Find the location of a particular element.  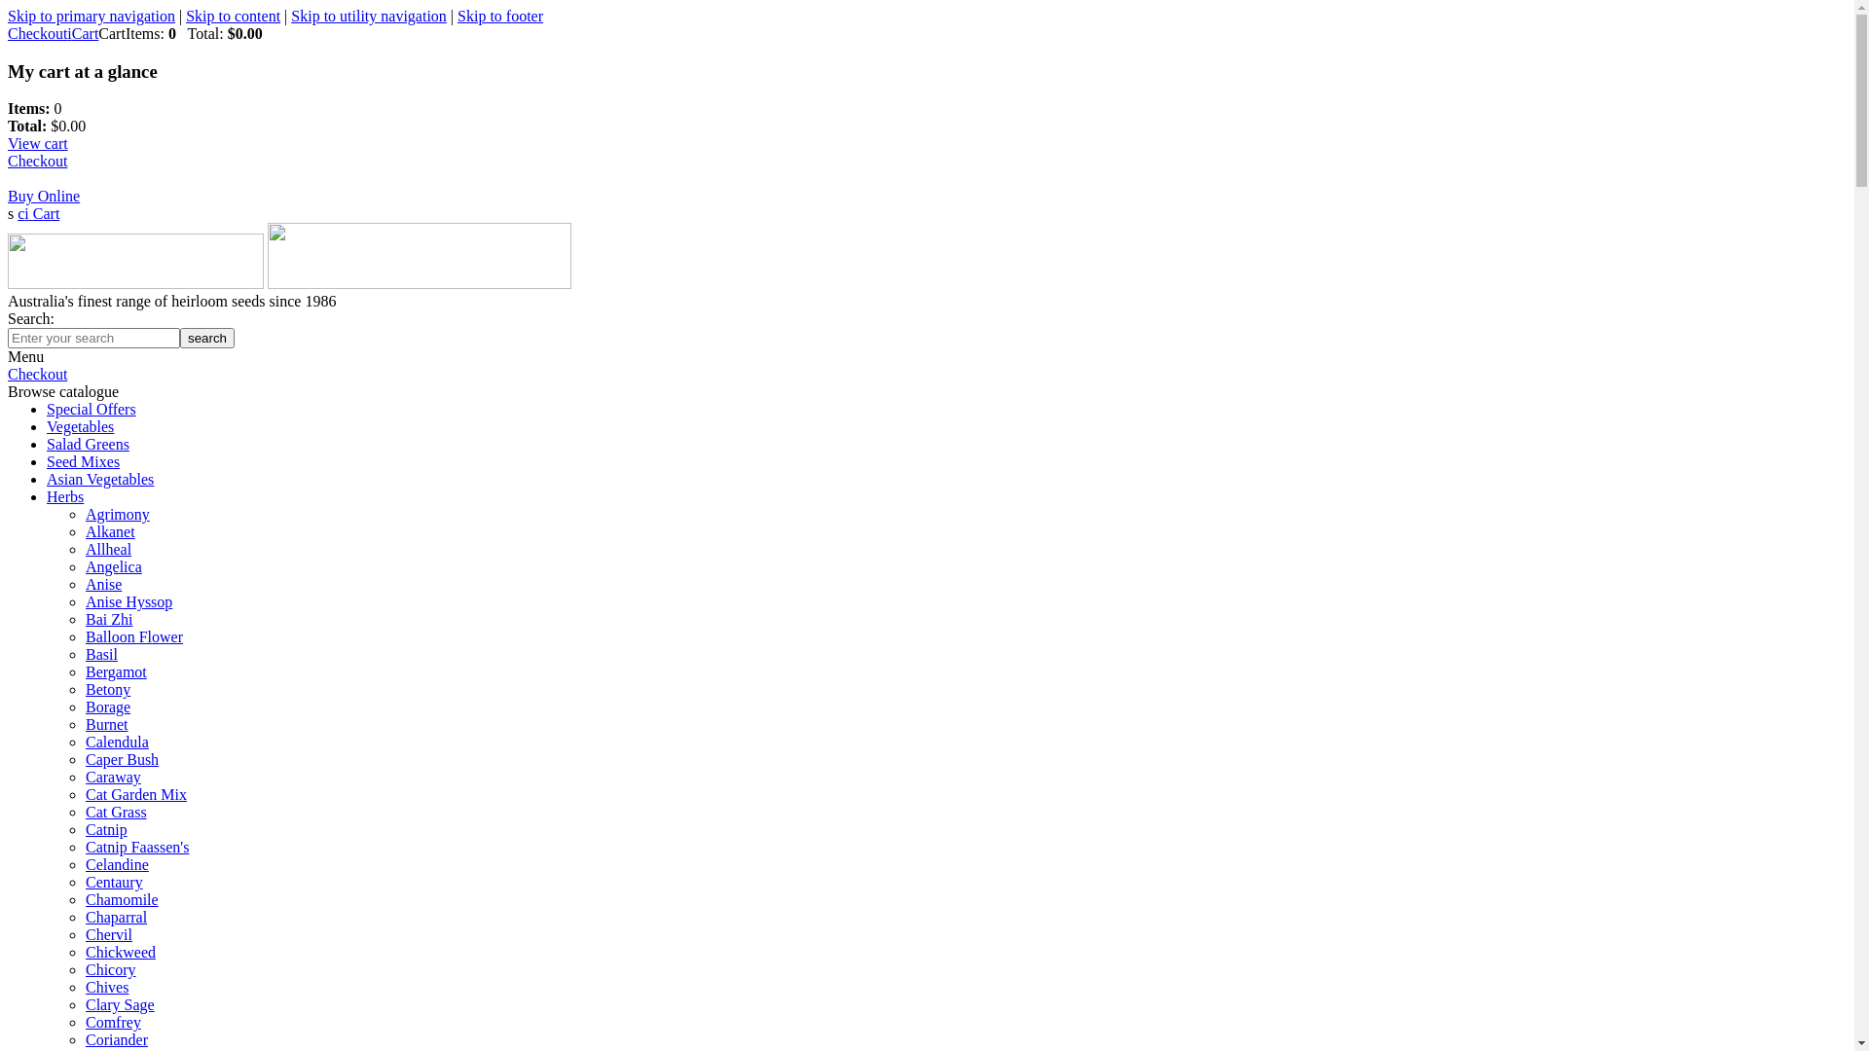

'Chickweed' is located at coordinates (84, 951).